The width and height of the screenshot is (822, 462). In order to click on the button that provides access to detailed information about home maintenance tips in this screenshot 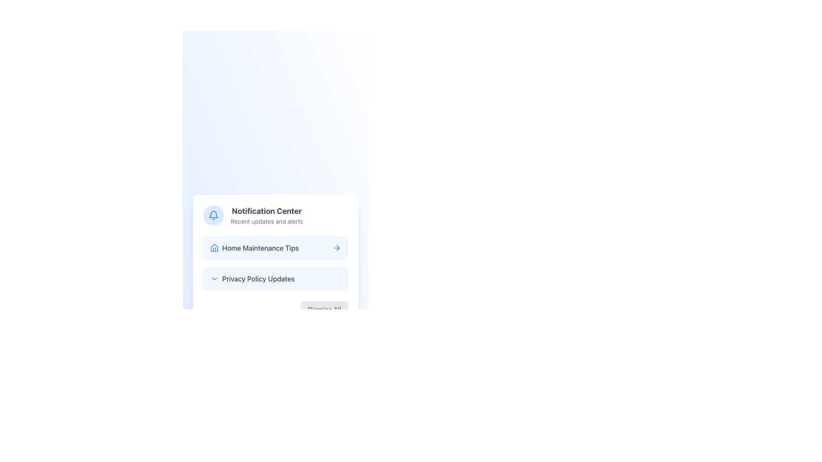, I will do `click(275, 248)`.